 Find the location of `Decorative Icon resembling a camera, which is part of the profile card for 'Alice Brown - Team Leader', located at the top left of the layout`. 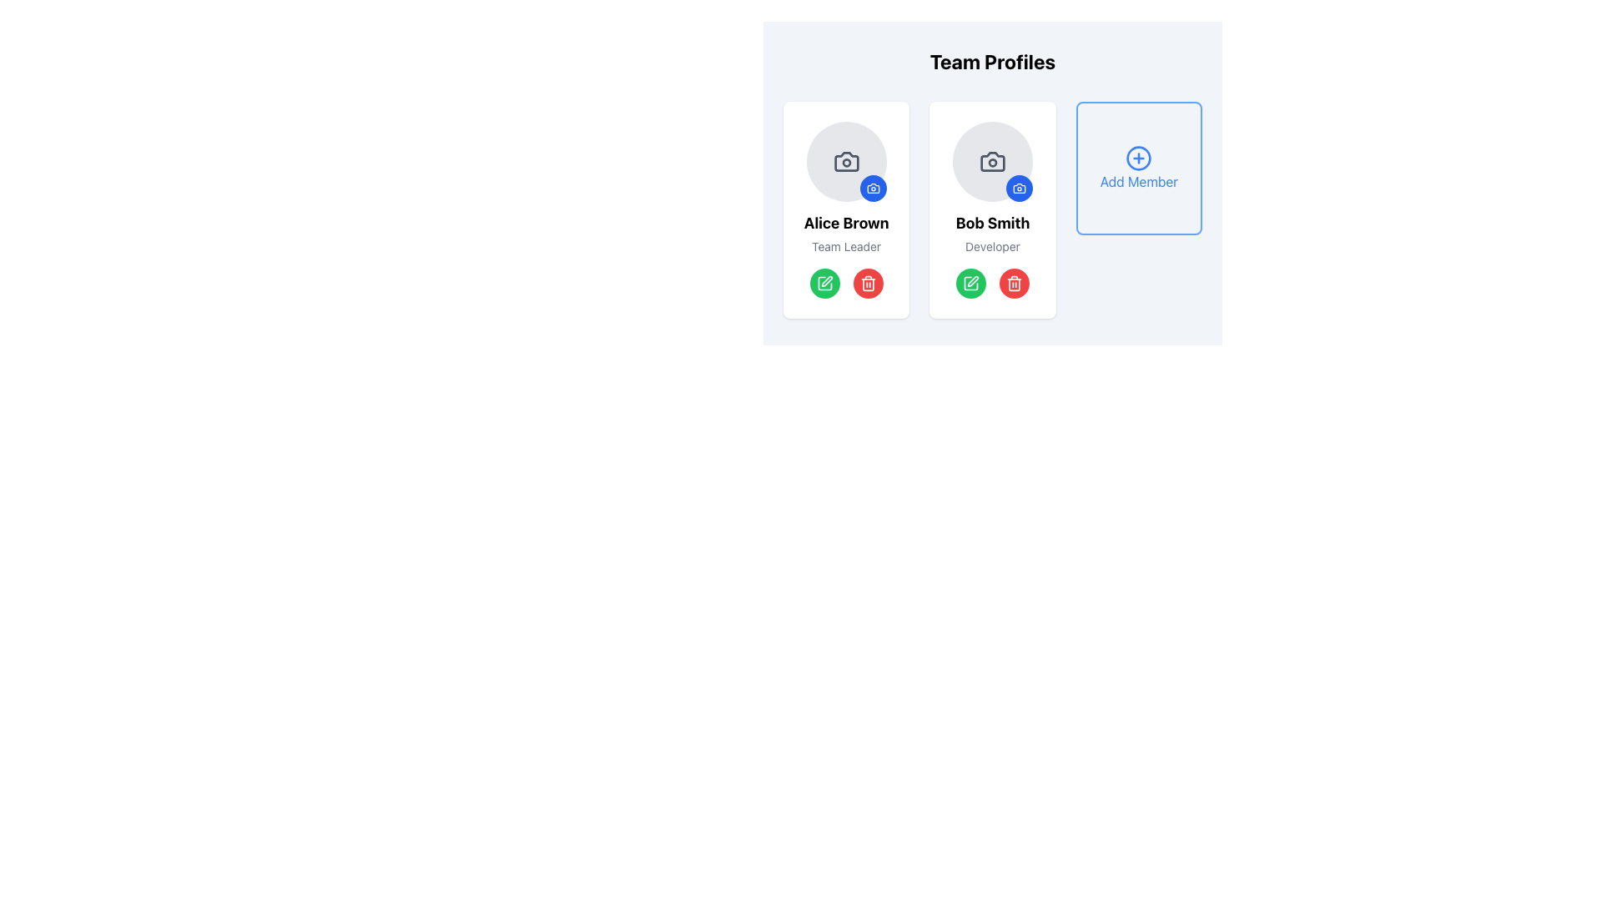

Decorative Icon resembling a camera, which is part of the profile card for 'Alice Brown - Team Leader', located at the top left of the layout is located at coordinates (872, 188).